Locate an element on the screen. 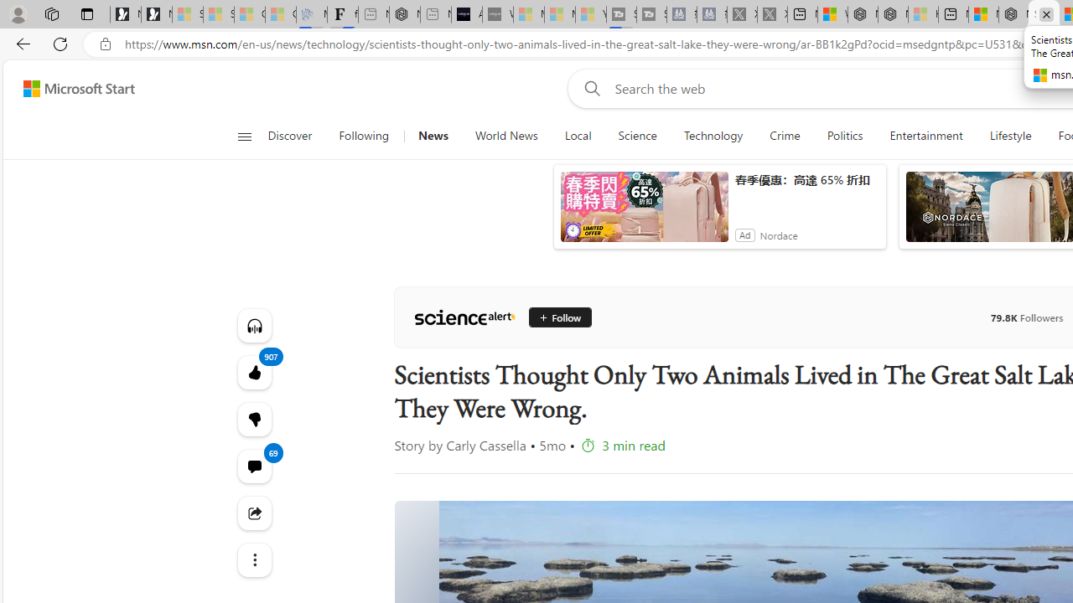 The image size is (1073, 603). 'Open navigation menu' is located at coordinates (243, 136).